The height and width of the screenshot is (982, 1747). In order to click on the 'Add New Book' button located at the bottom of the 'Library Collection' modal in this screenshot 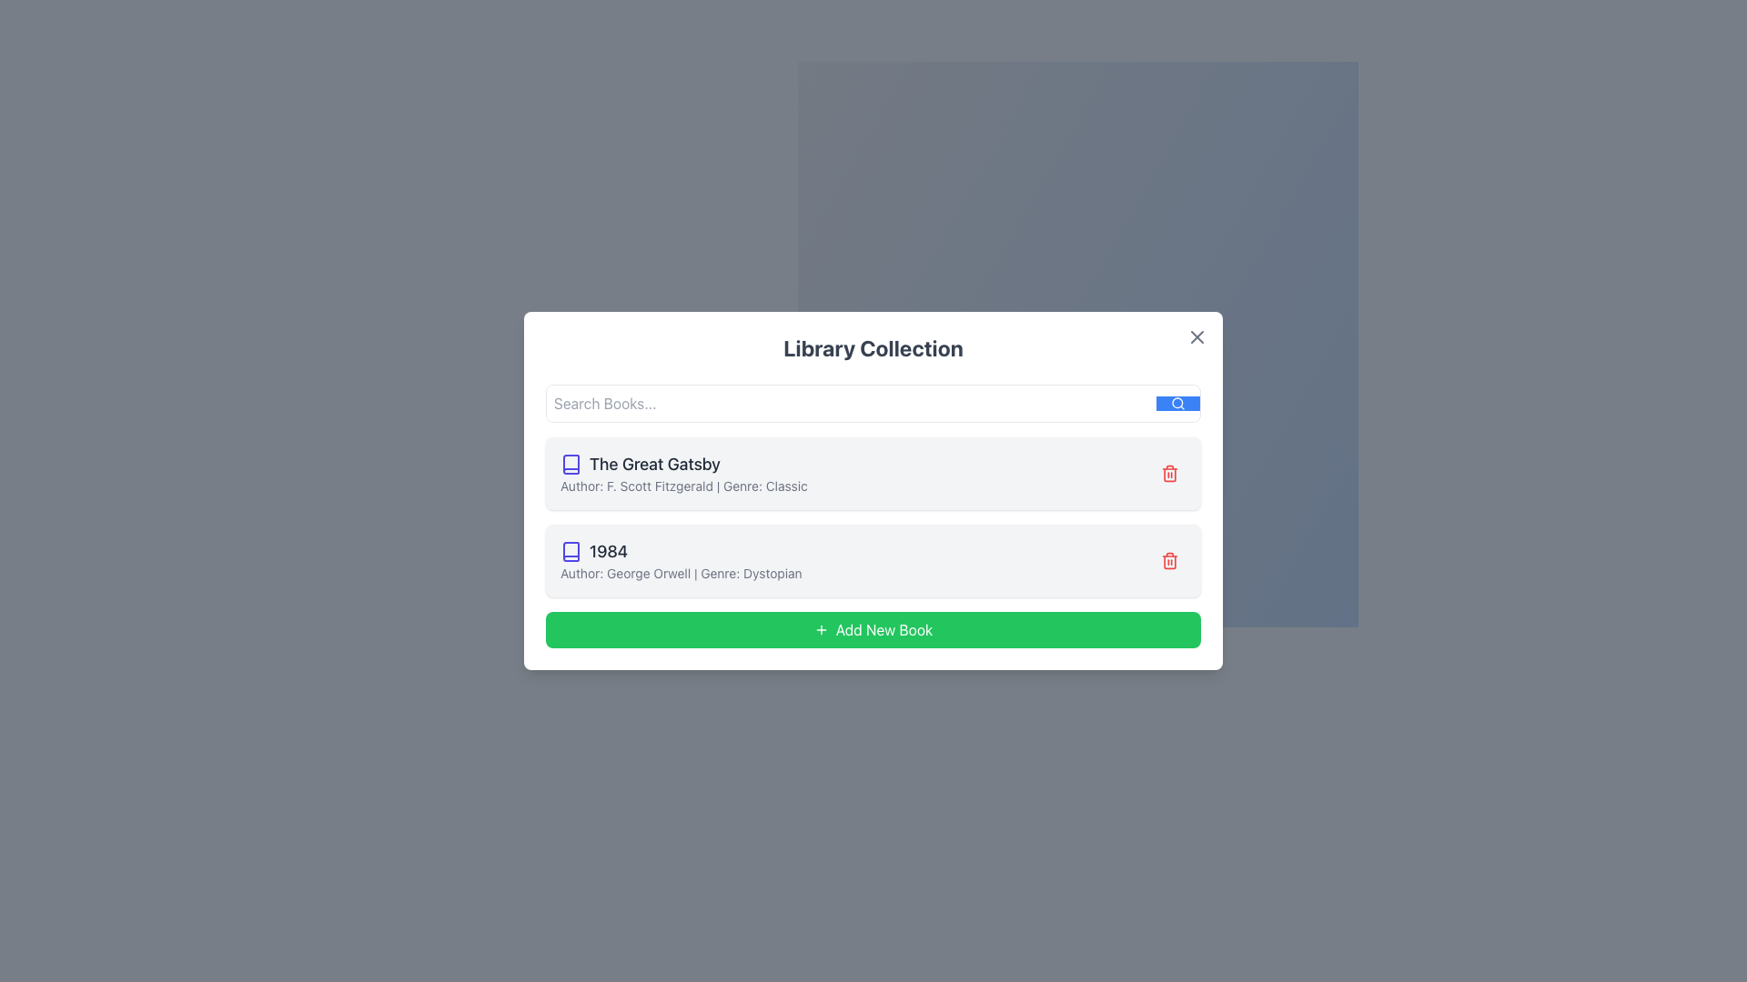, I will do `click(873, 629)`.